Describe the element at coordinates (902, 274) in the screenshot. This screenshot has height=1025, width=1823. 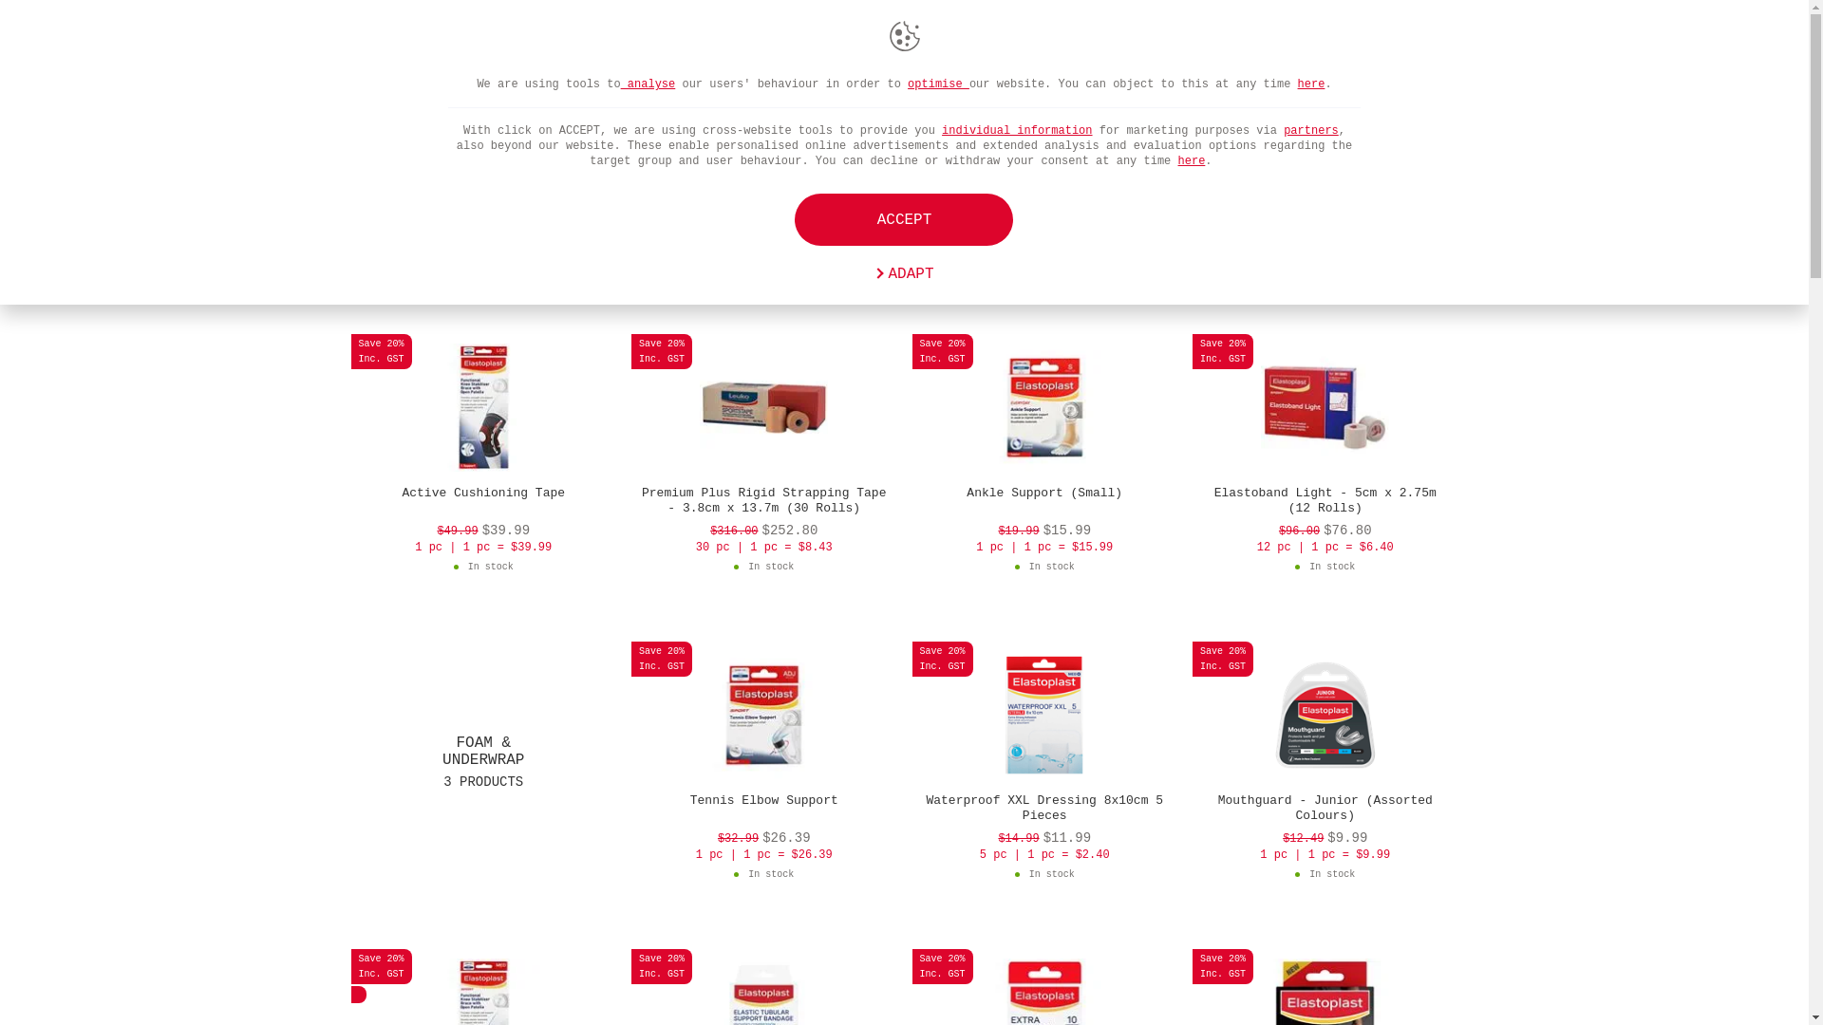
I see `'ADAPT'` at that location.